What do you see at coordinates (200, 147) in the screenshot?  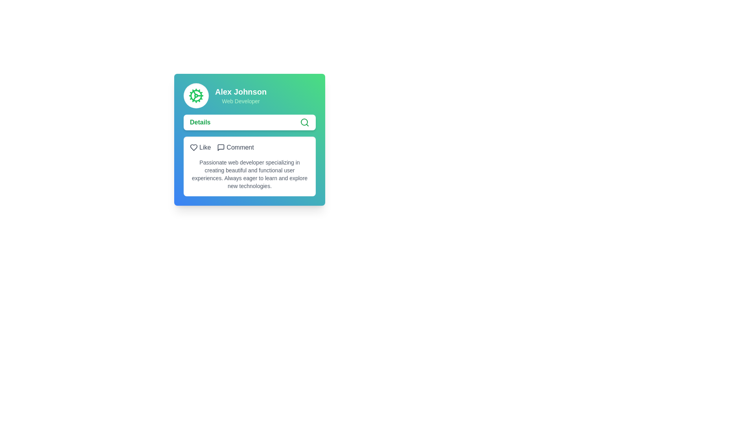 I see `the 'Like' button, which features a heart icon and the text 'Like', located in the top-left of a two-item horizontal group within a card` at bounding box center [200, 147].